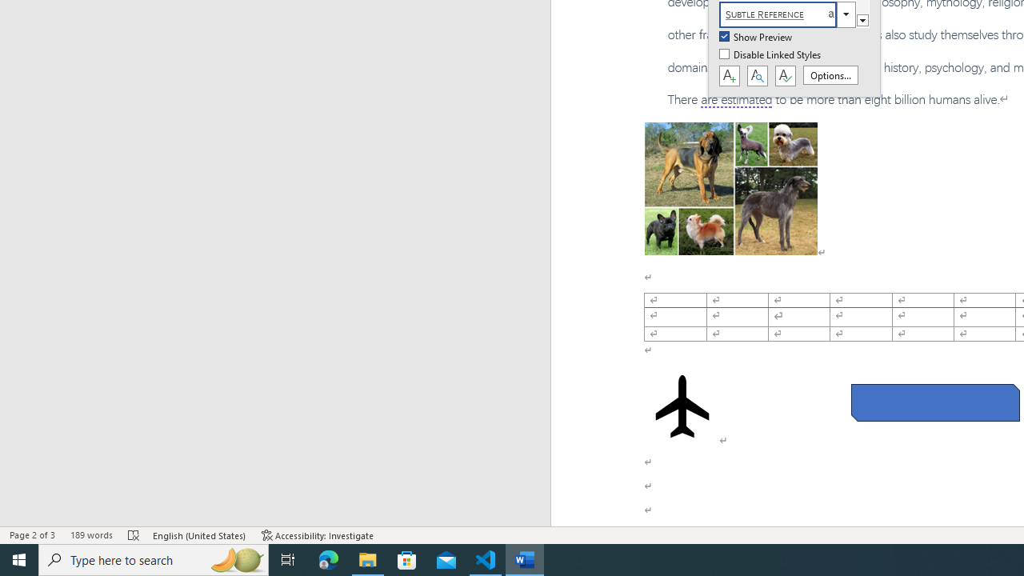  What do you see at coordinates (771, 54) in the screenshot?
I see `'Disable Linked Styles'` at bounding box center [771, 54].